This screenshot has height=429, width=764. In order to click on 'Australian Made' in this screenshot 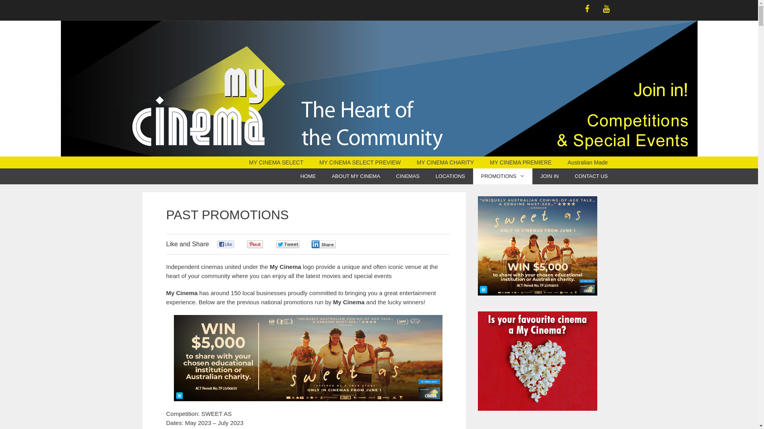, I will do `click(559, 162)`.